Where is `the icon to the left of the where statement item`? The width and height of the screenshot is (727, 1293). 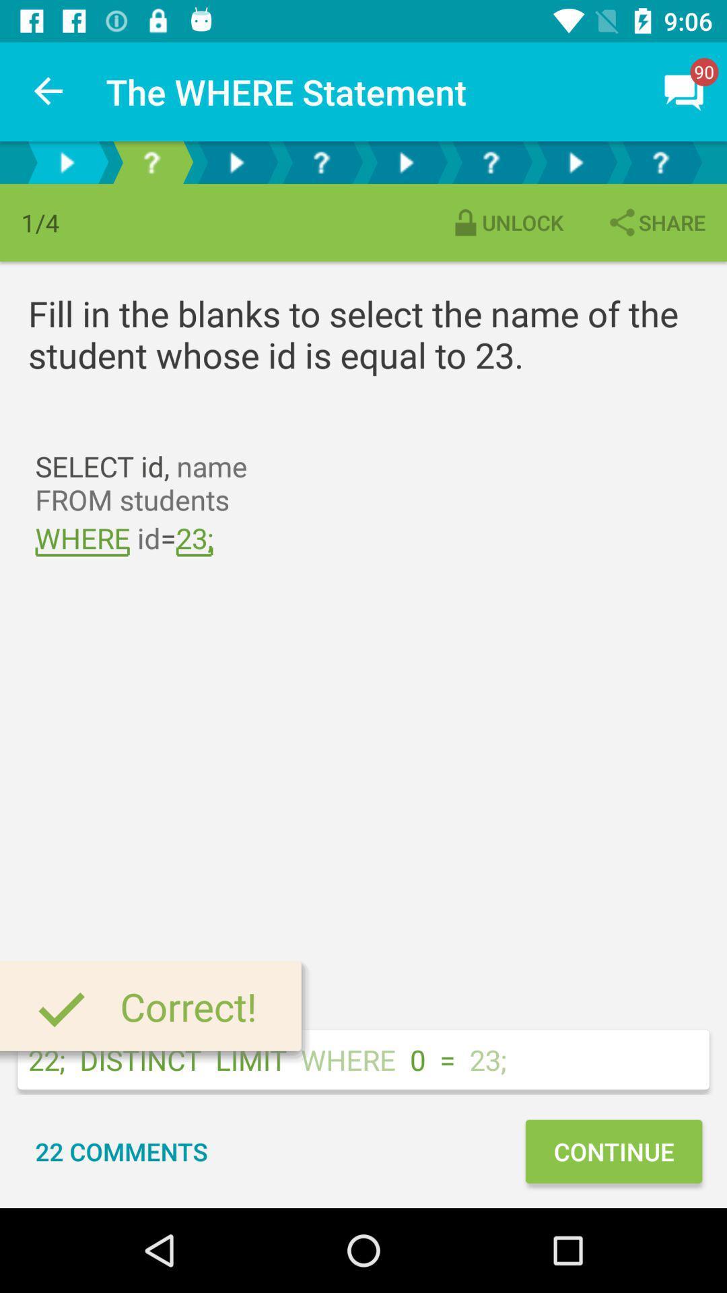 the icon to the left of the where statement item is located at coordinates (48, 91).